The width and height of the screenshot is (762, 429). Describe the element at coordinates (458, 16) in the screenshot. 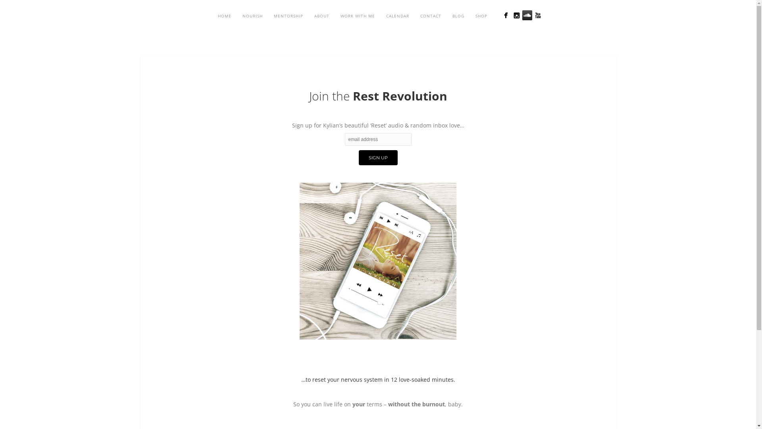

I see `'BLOG'` at that location.